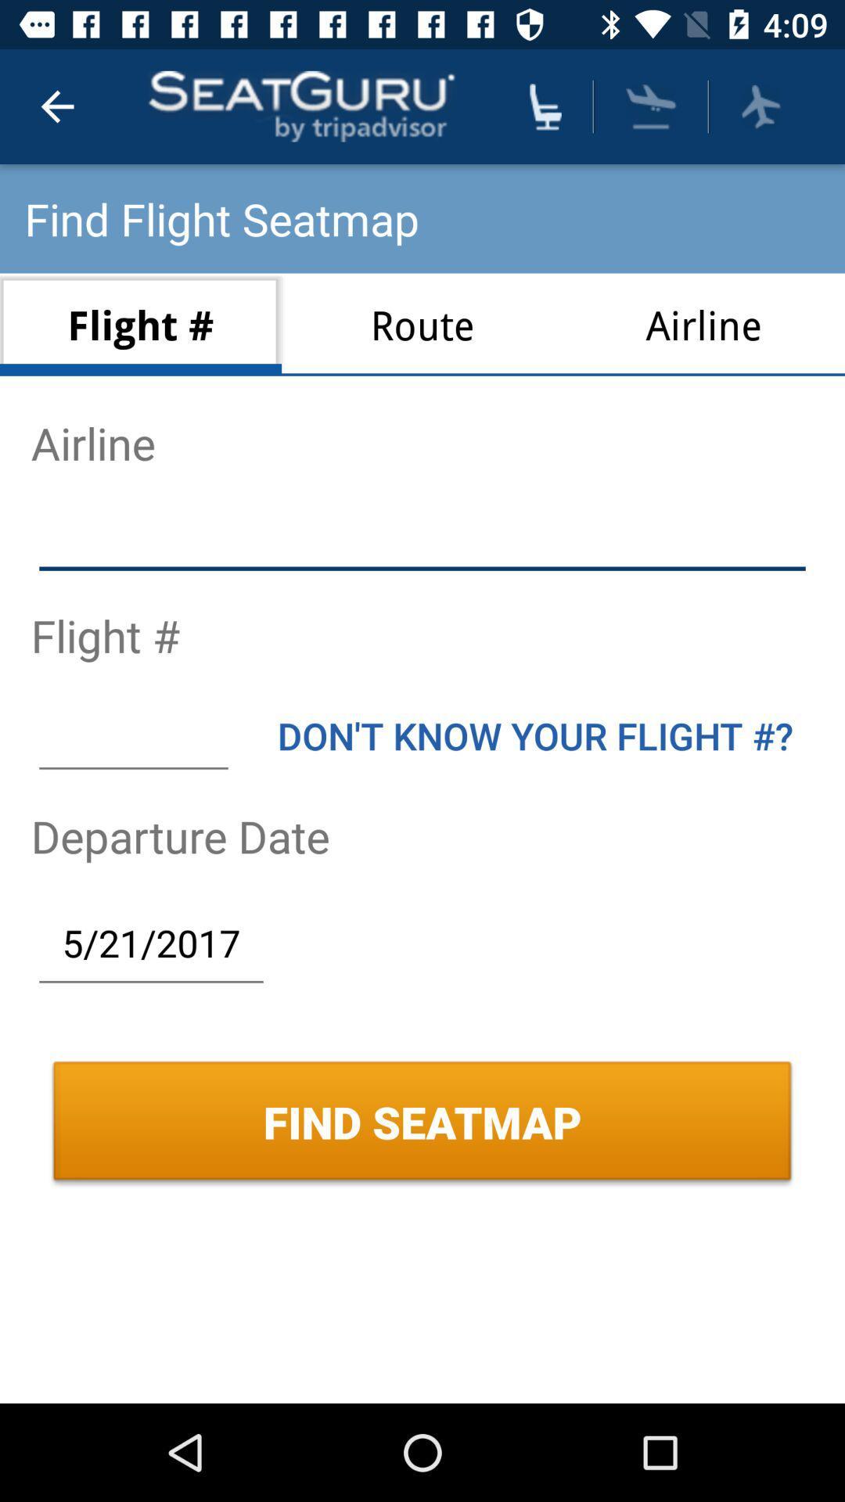 This screenshot has width=845, height=1502. I want to click on icon to the left of the don t know icon, so click(132, 735).